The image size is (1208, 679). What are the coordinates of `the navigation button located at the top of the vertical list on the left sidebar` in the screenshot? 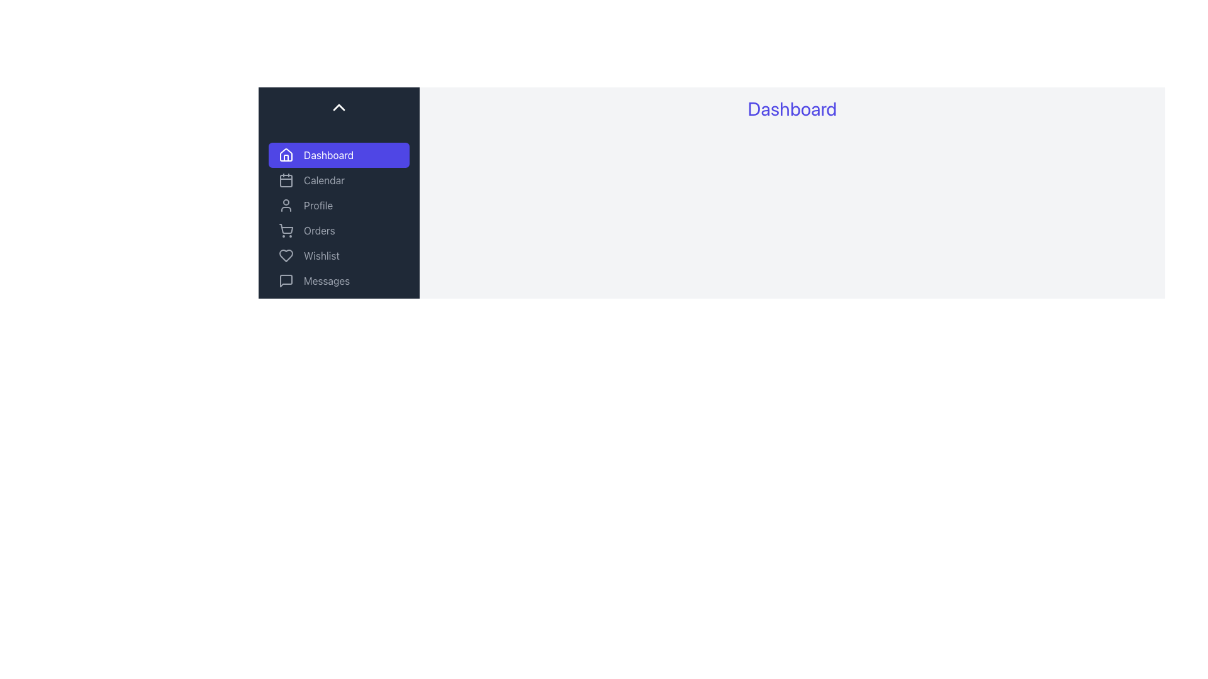 It's located at (338, 154).